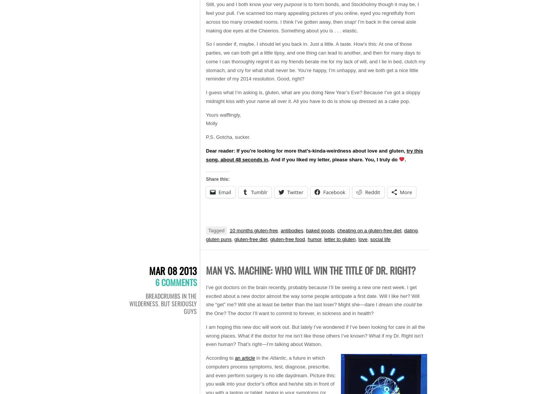 The height and width of the screenshot is (394, 553). Describe the element at coordinates (323, 192) in the screenshot. I see `'Facebook'` at that location.